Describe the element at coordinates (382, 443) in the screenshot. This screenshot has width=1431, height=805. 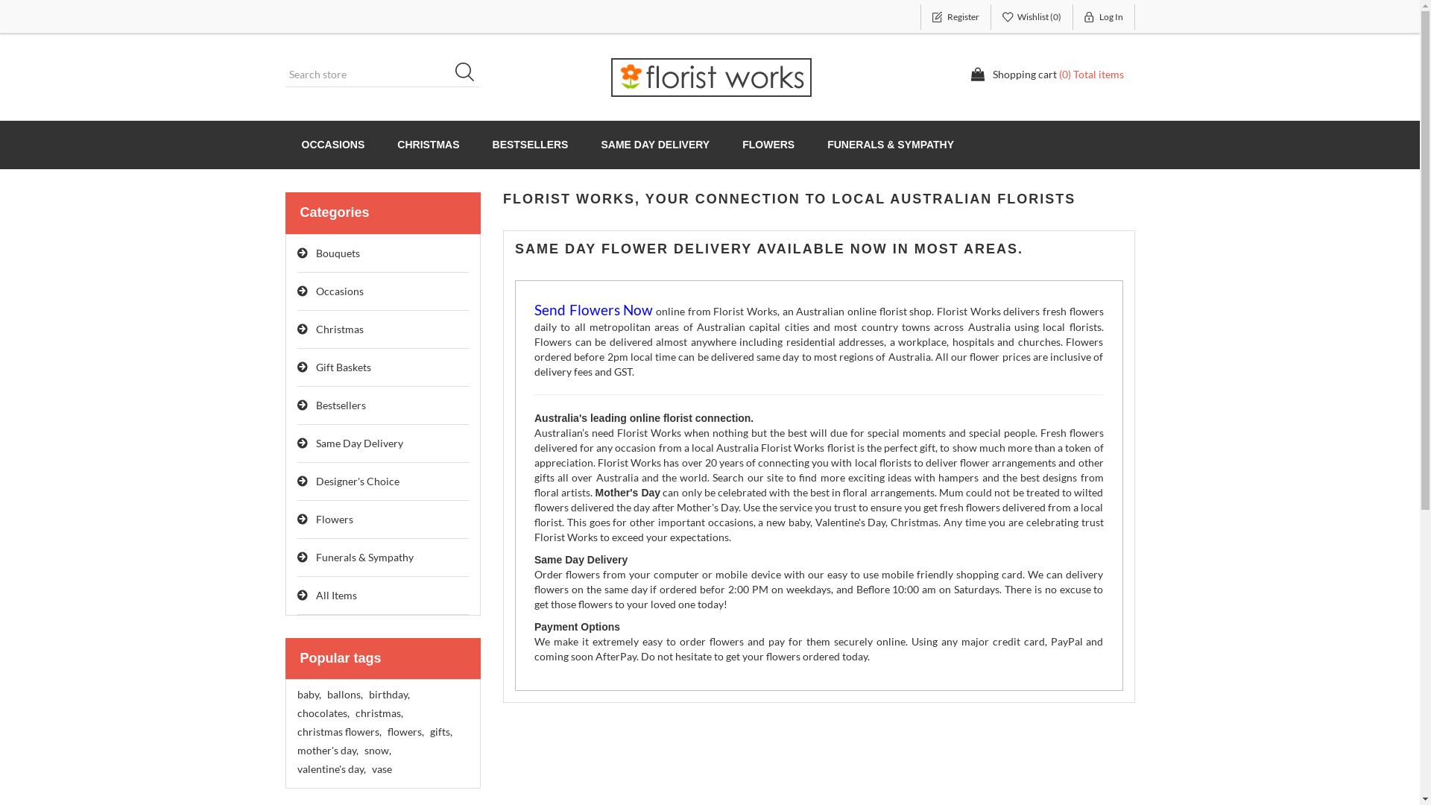
I see `'Same Day Delivery'` at that location.